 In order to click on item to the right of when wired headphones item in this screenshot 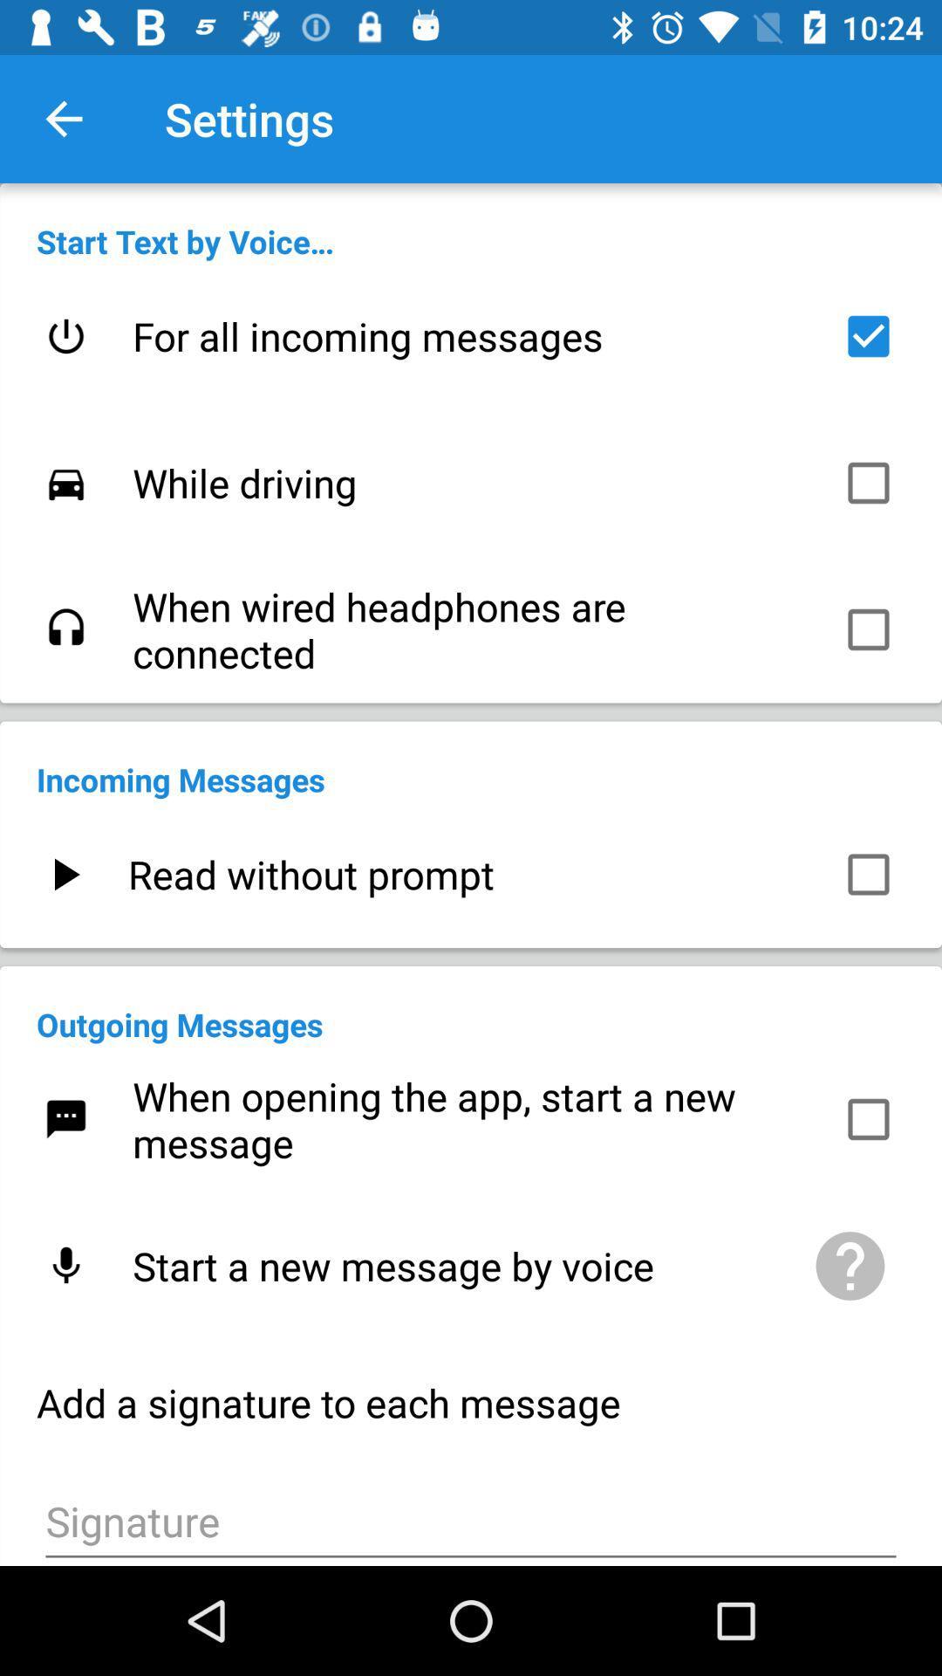, I will do `click(868, 628)`.